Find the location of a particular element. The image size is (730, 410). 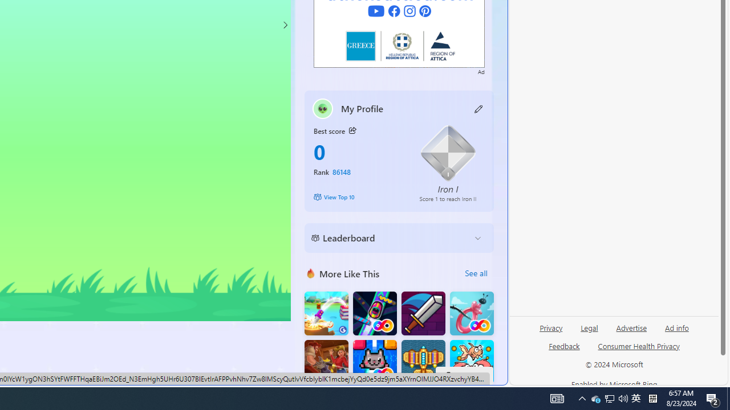

'Knife Flip' is located at coordinates (326, 313).